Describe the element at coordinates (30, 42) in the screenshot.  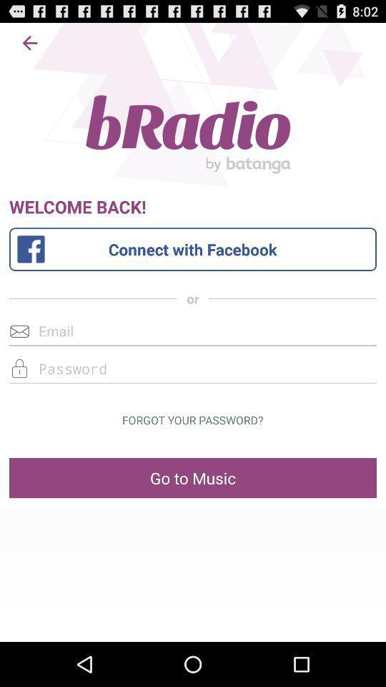
I see `go back` at that location.